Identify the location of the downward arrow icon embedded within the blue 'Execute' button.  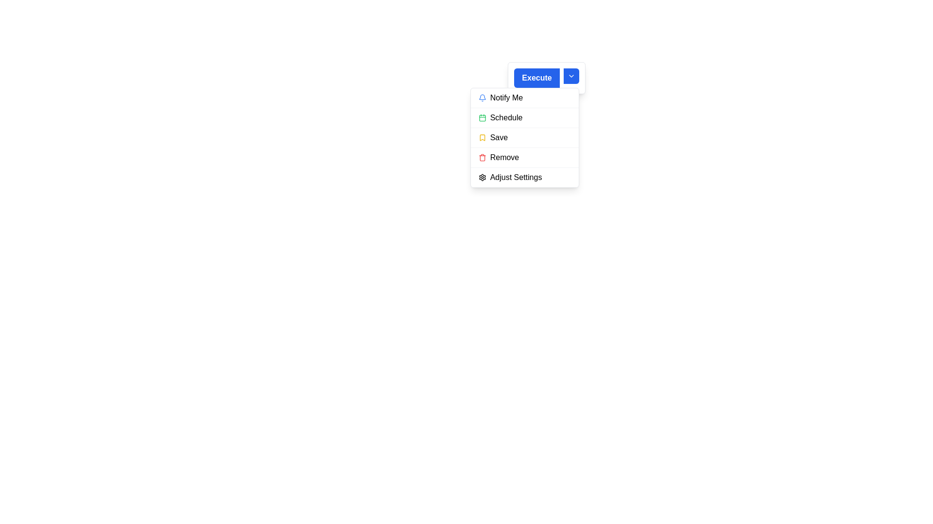
(571, 76).